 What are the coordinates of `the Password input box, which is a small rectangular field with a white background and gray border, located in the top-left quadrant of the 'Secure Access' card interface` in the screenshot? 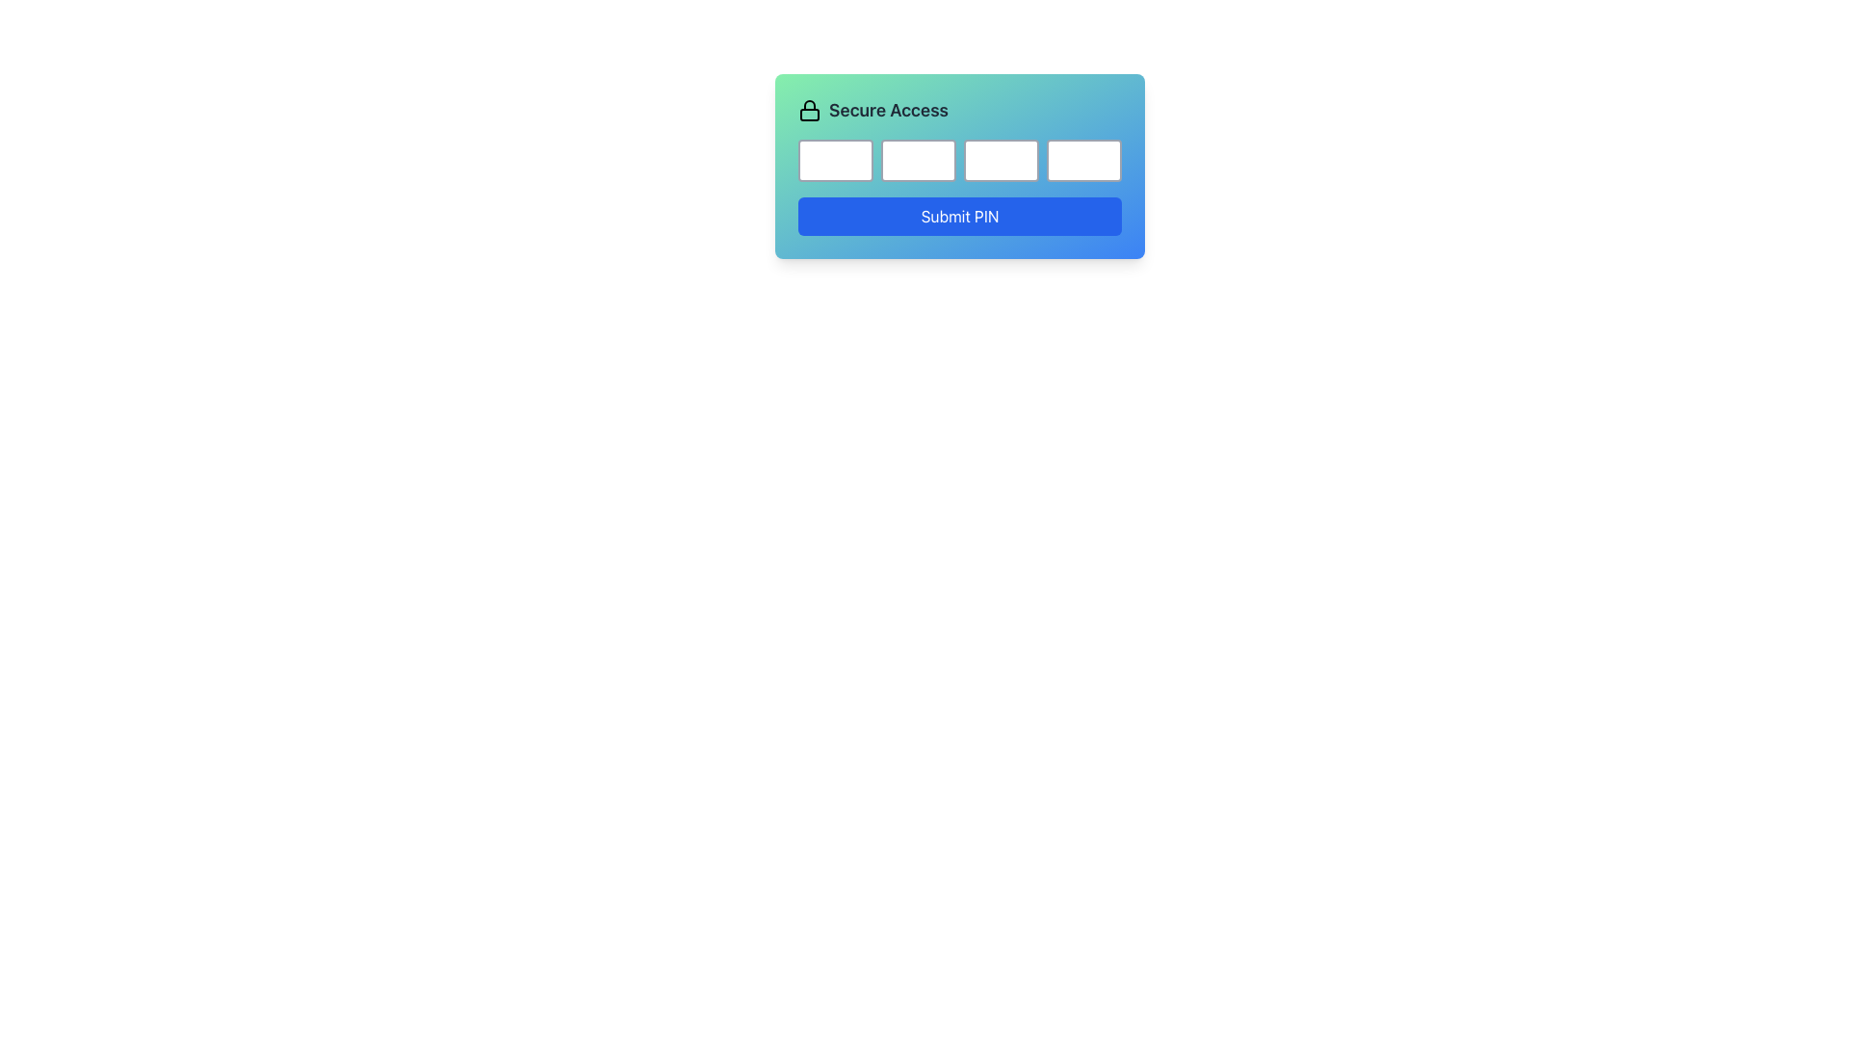 It's located at (836, 159).